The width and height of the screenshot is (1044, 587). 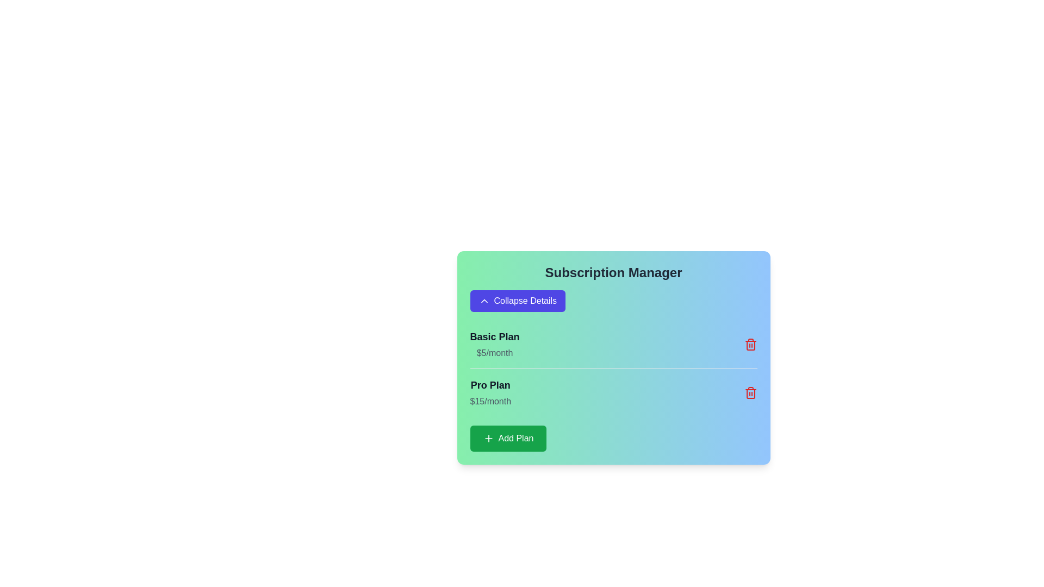 What do you see at coordinates (750, 344) in the screenshot?
I see `the interactive trash icon button located to the right of the 'Basic Plan' text in the 'Subscription Manager'` at bounding box center [750, 344].